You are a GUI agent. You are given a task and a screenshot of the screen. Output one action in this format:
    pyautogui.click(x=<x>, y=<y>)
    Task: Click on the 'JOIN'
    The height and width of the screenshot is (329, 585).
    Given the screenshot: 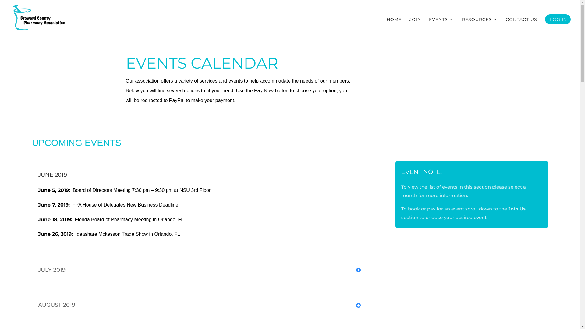 What is the action you would take?
    pyautogui.click(x=415, y=26)
    